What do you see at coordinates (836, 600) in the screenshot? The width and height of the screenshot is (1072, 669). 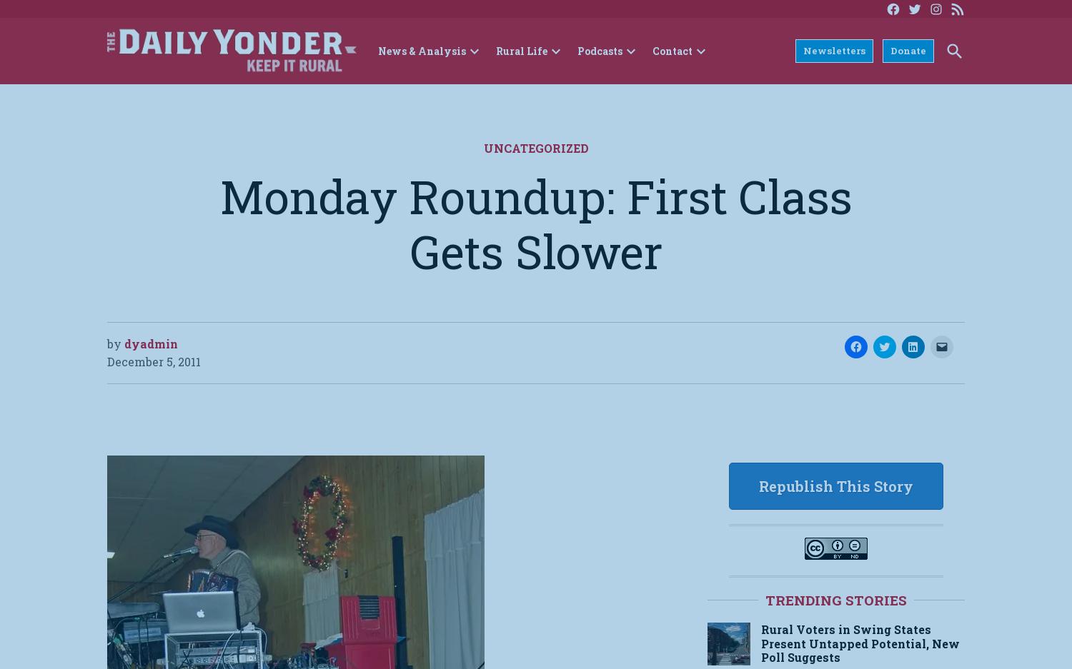 I see `'Trending Stories'` at bounding box center [836, 600].